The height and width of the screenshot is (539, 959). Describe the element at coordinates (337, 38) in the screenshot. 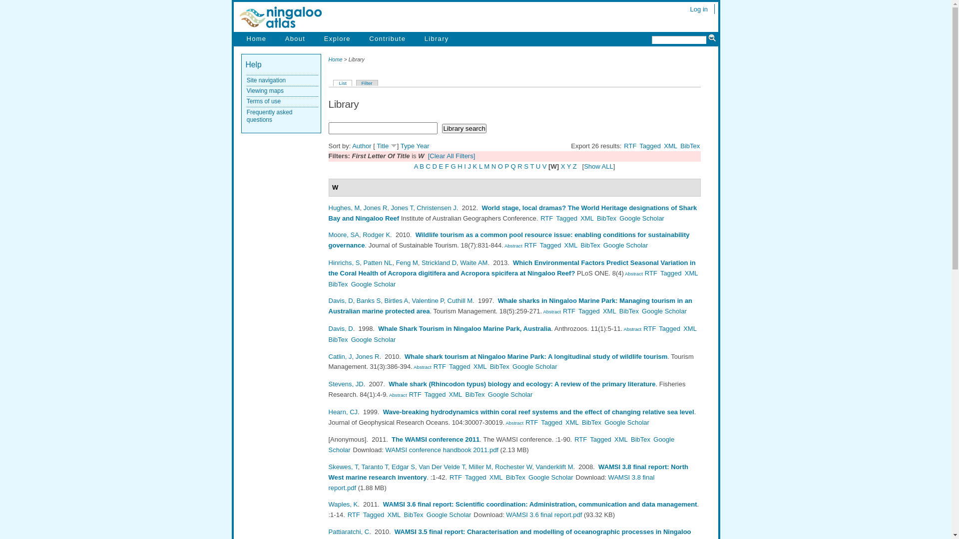

I see `'Explore'` at that location.